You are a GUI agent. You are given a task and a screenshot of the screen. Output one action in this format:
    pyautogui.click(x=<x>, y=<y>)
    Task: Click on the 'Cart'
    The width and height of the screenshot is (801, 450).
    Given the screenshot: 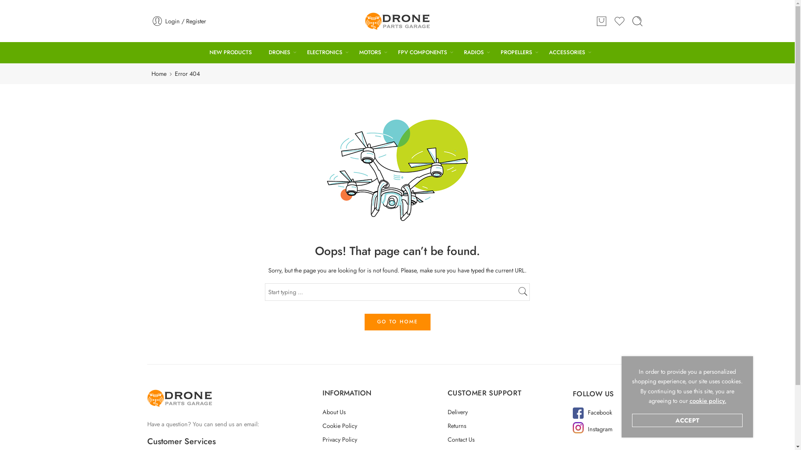 What is the action you would take?
    pyautogui.click(x=601, y=20)
    